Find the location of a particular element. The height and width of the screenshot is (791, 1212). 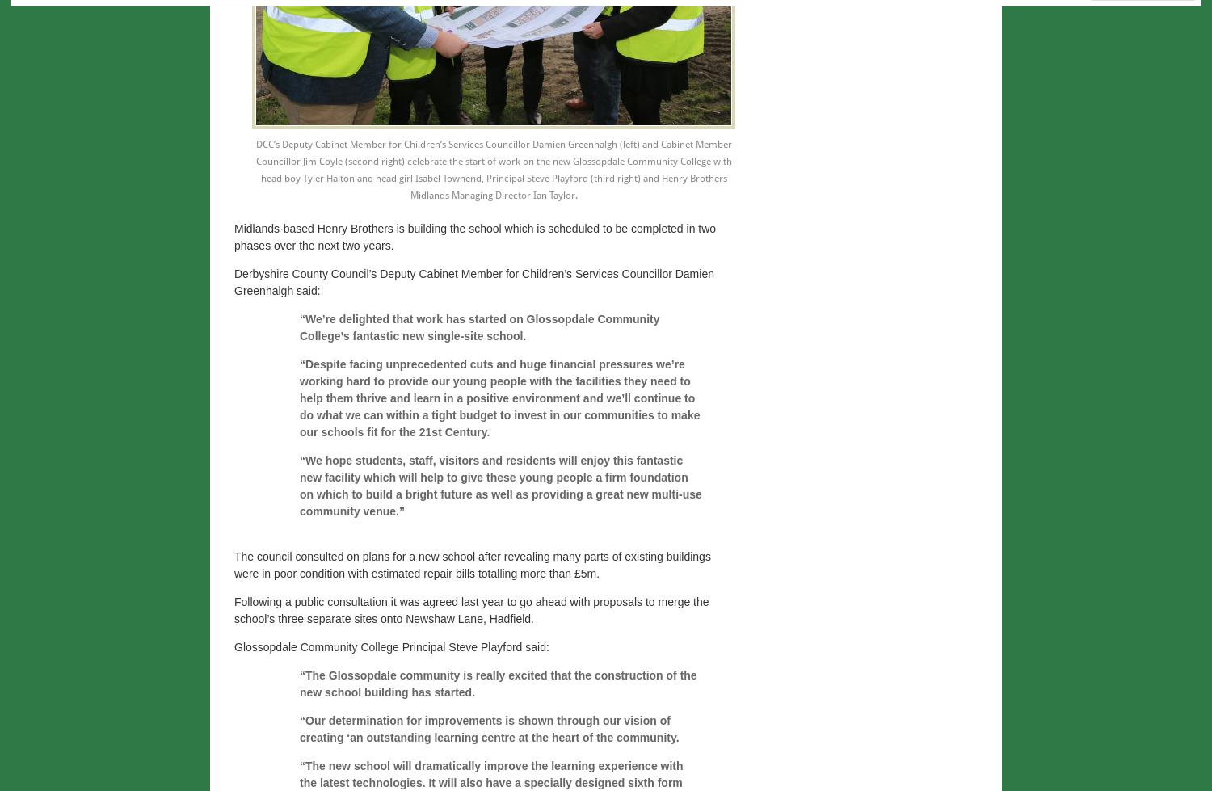

'“We’re delighted that work has started on Glossopdale Community College’s fantastic new single-site school.' is located at coordinates (478, 327).